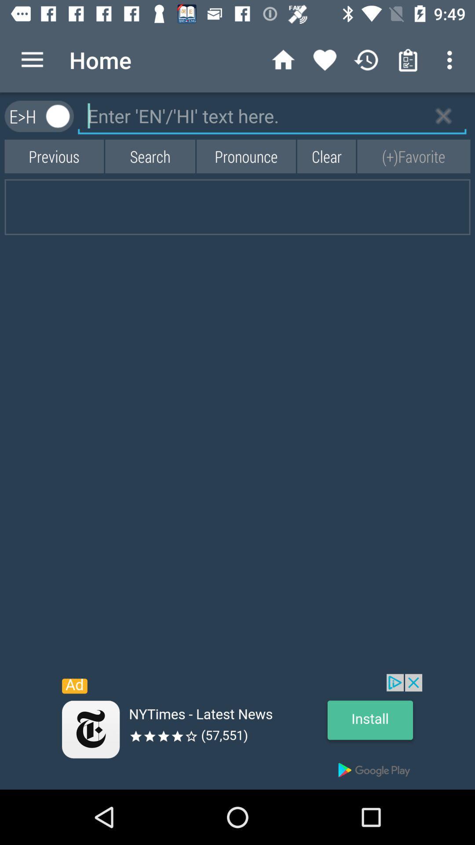  What do you see at coordinates (246, 156) in the screenshot?
I see `the button which is between search and clear` at bounding box center [246, 156].